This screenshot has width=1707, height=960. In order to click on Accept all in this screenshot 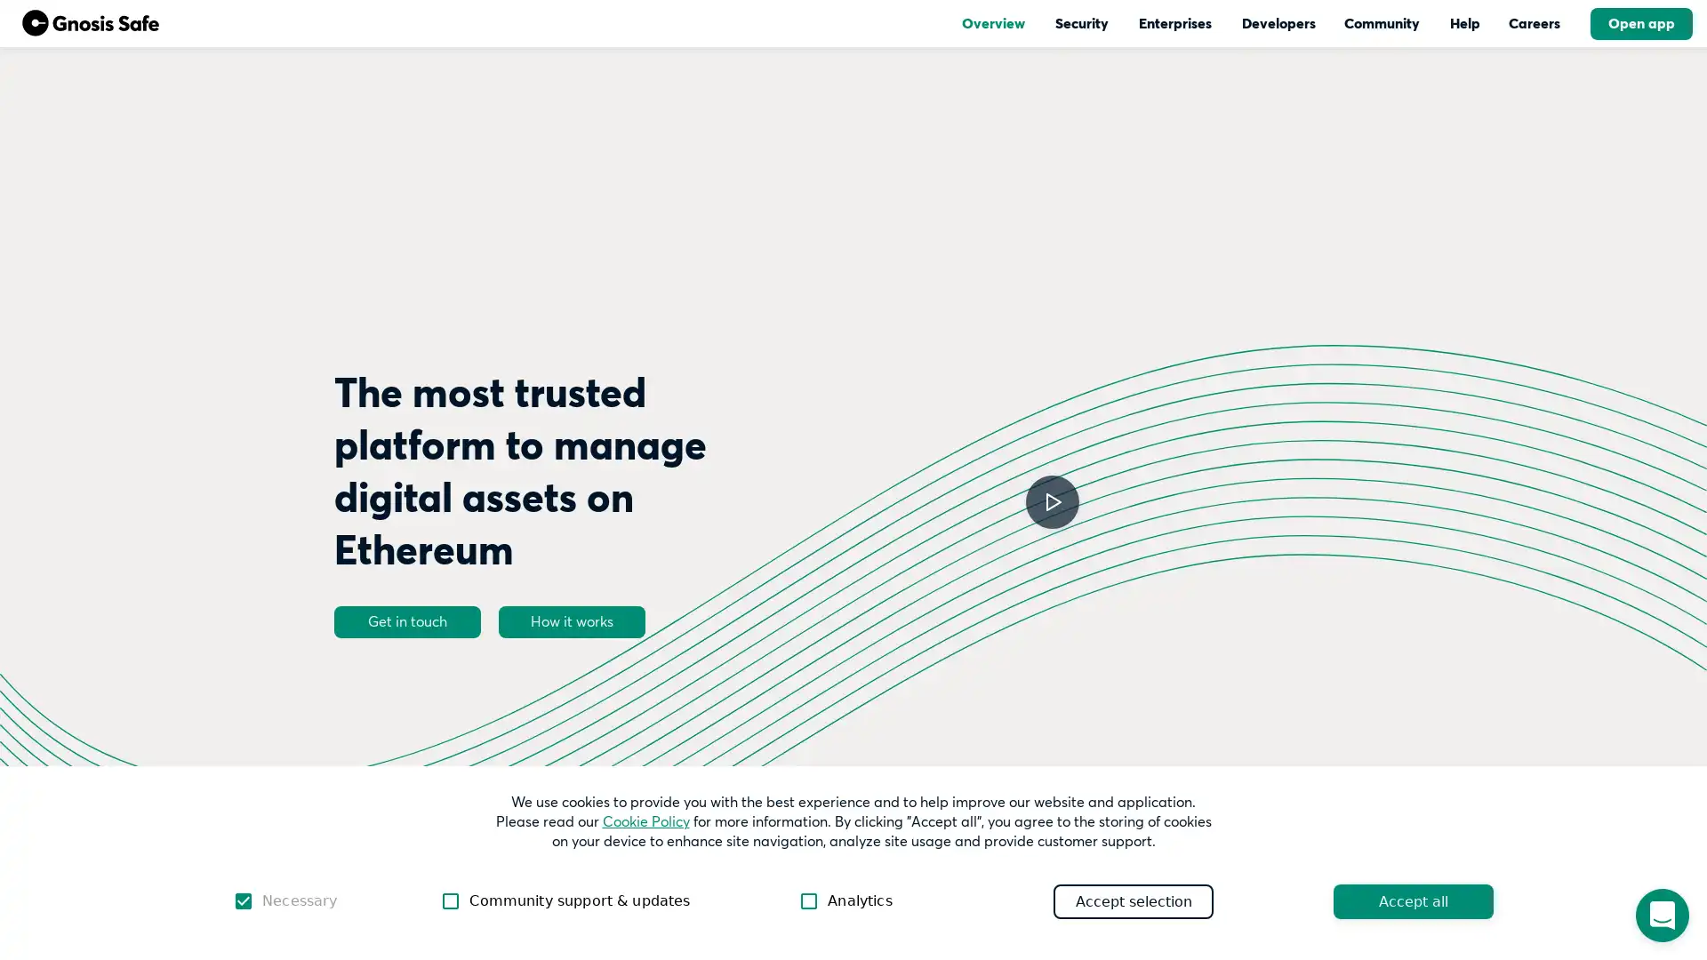, I will do `click(1412, 900)`.